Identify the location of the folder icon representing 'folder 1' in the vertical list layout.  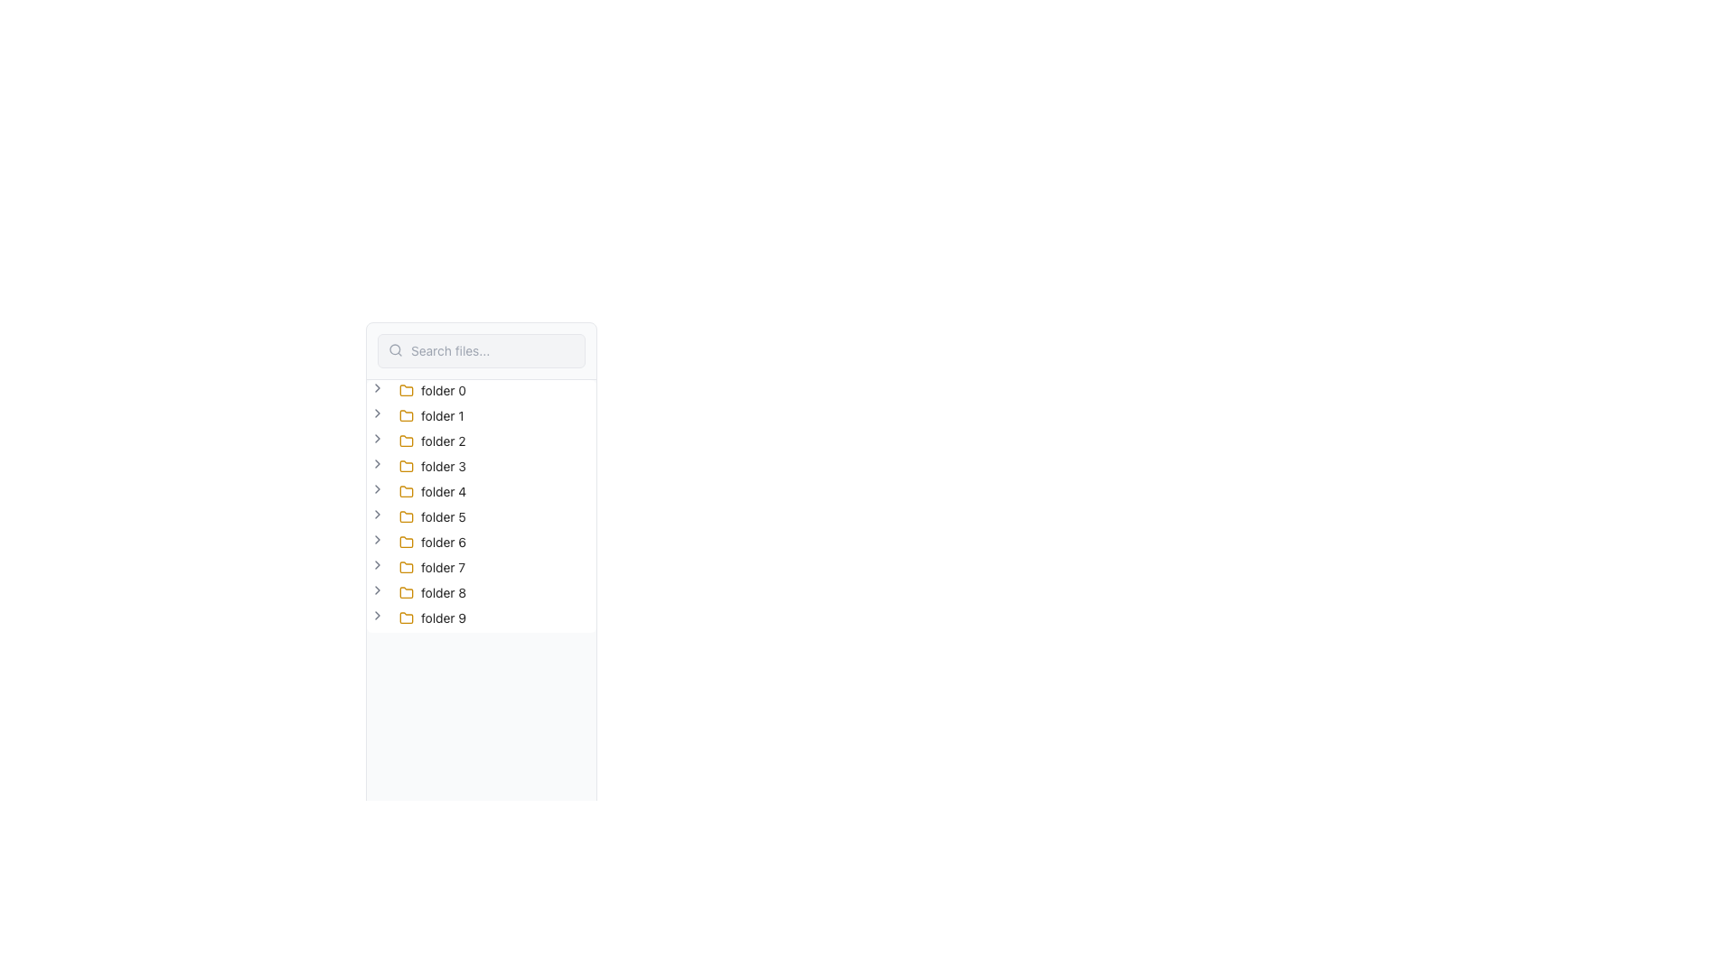
(406, 414).